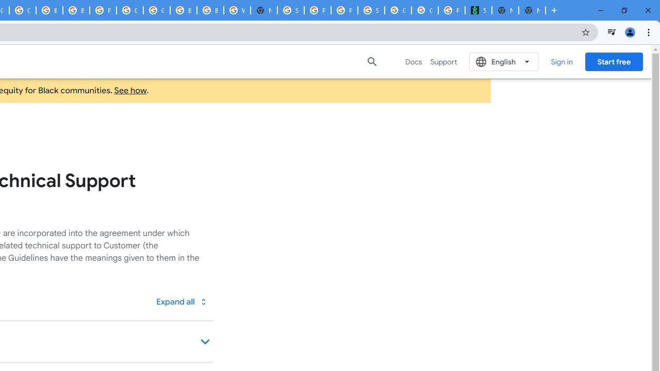 The height and width of the screenshot is (371, 660). Describe the element at coordinates (181, 301) in the screenshot. I see `'Toggle all'` at that location.